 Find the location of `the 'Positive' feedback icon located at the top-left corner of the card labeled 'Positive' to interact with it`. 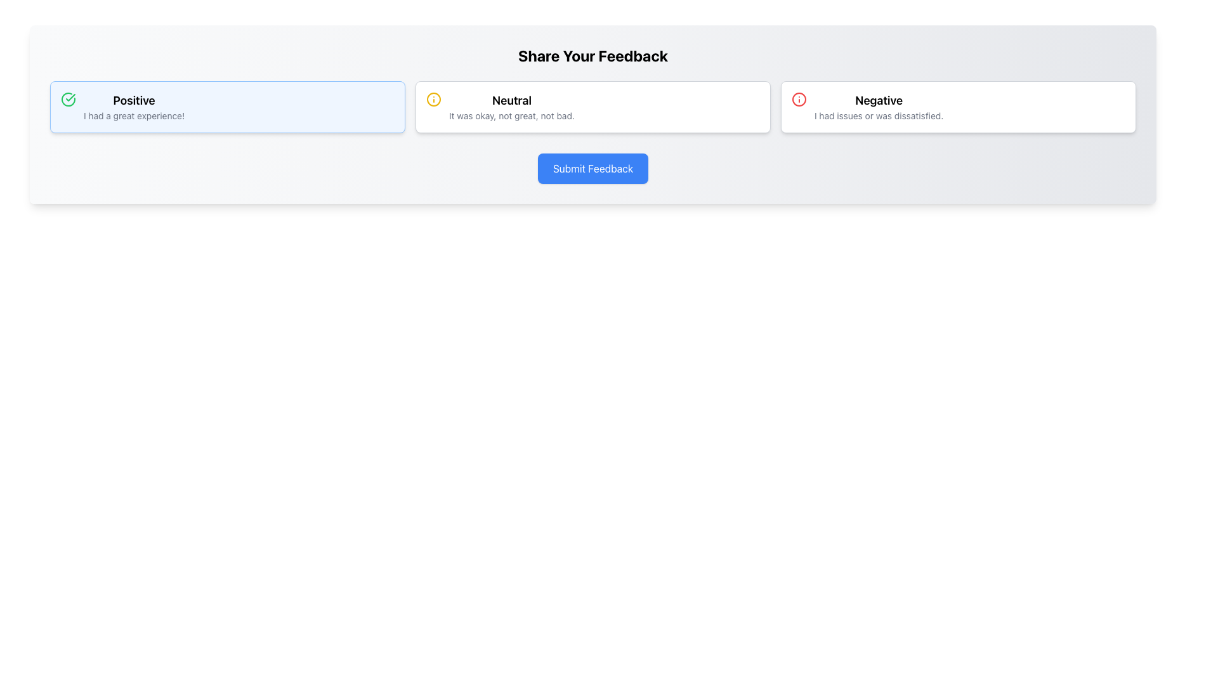

the 'Positive' feedback icon located at the top-left corner of the card labeled 'Positive' to interact with it is located at coordinates (68, 99).